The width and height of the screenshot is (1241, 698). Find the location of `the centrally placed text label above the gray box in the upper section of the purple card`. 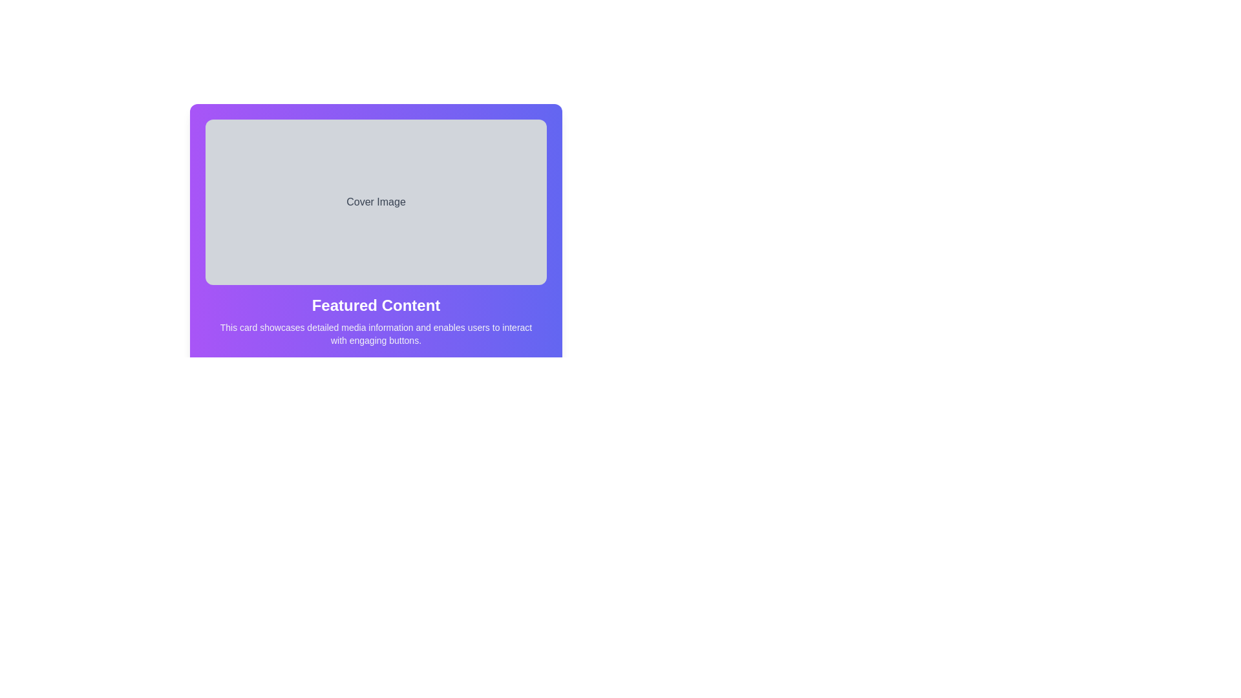

the centrally placed text label above the gray box in the upper section of the purple card is located at coordinates (375, 202).